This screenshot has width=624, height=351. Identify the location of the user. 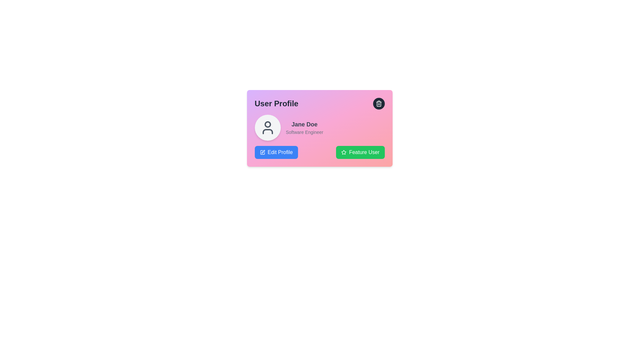
(304, 124).